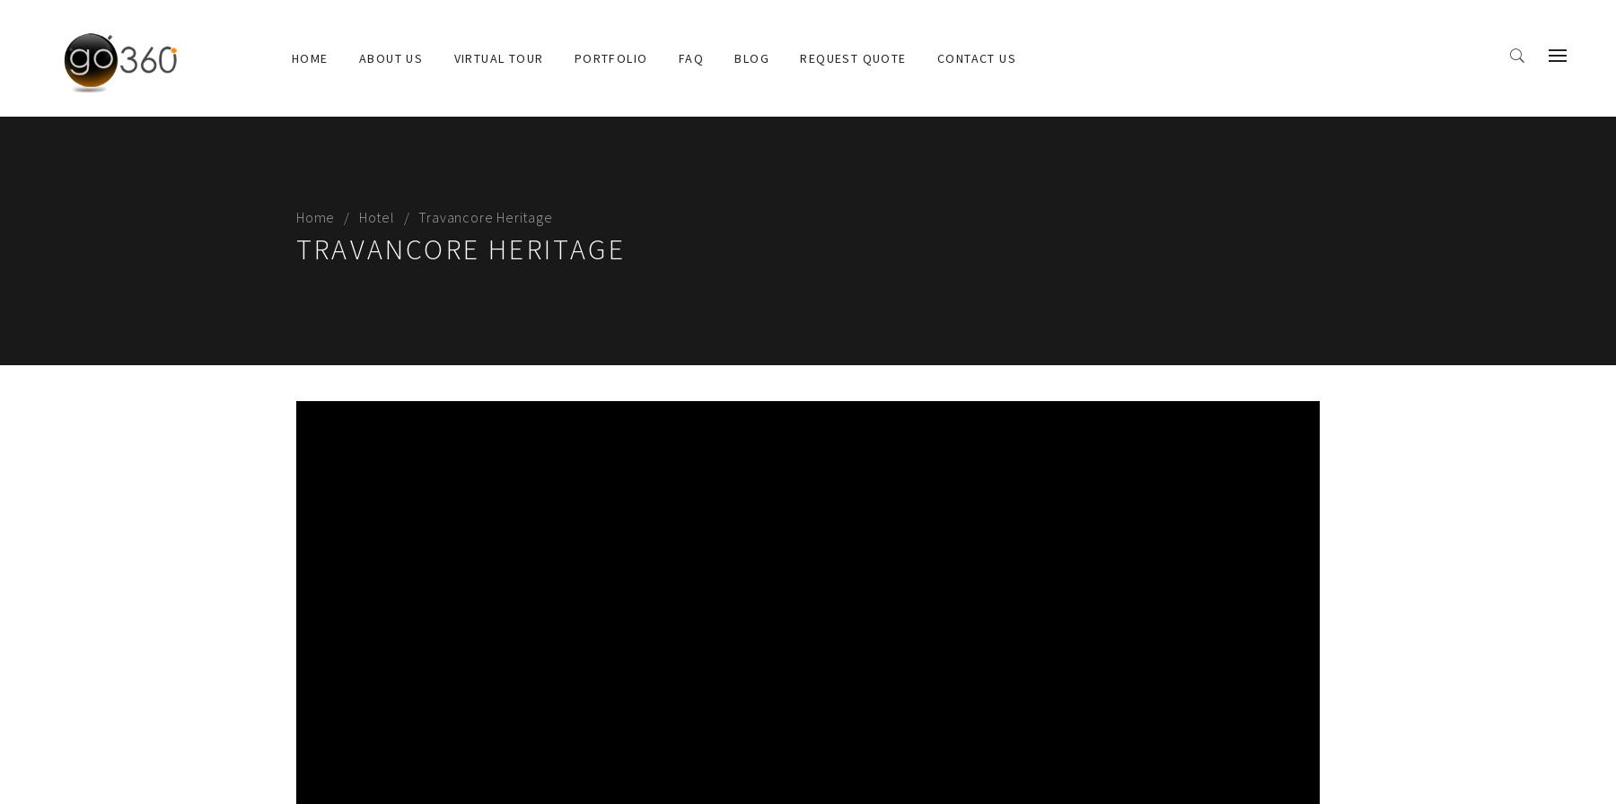  I want to click on 'Why Go360', so click(417, 128).